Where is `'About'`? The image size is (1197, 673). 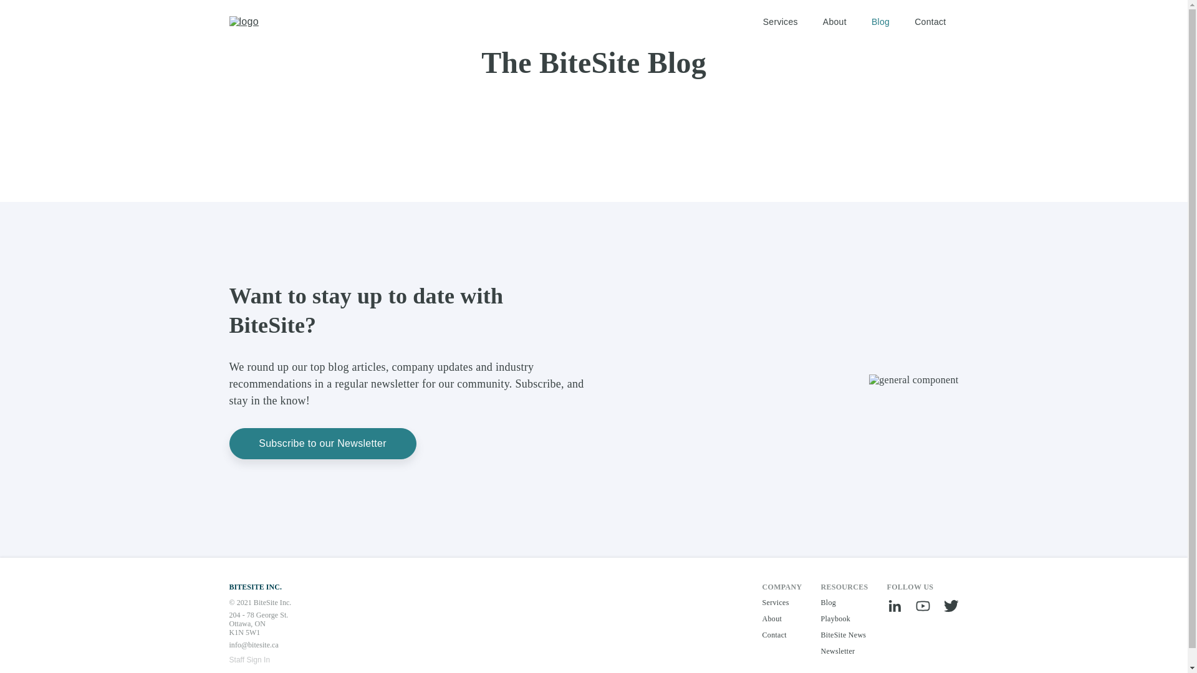
'About' is located at coordinates (781, 618).